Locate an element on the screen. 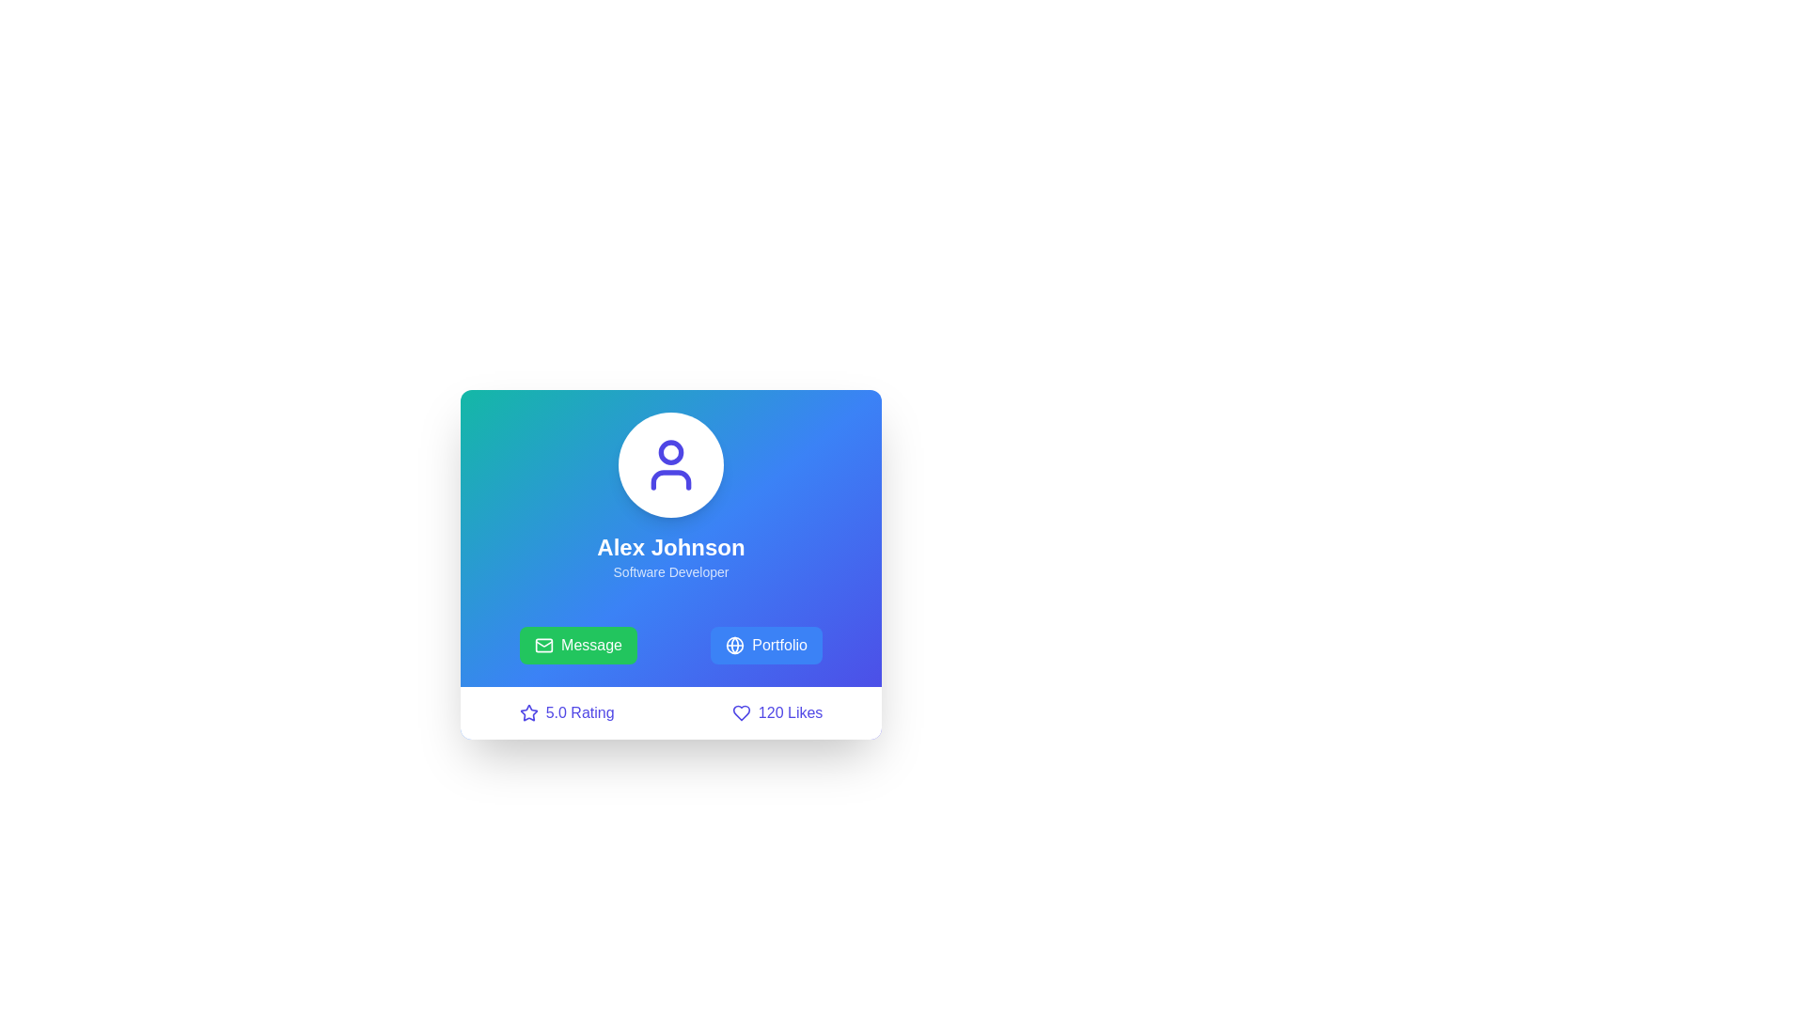 Image resolution: width=1805 pixels, height=1015 pixels. the bold circle centered within the globe icon, which is located in the upper-left region of the card displaying the user's name and details is located at coordinates (734, 644).